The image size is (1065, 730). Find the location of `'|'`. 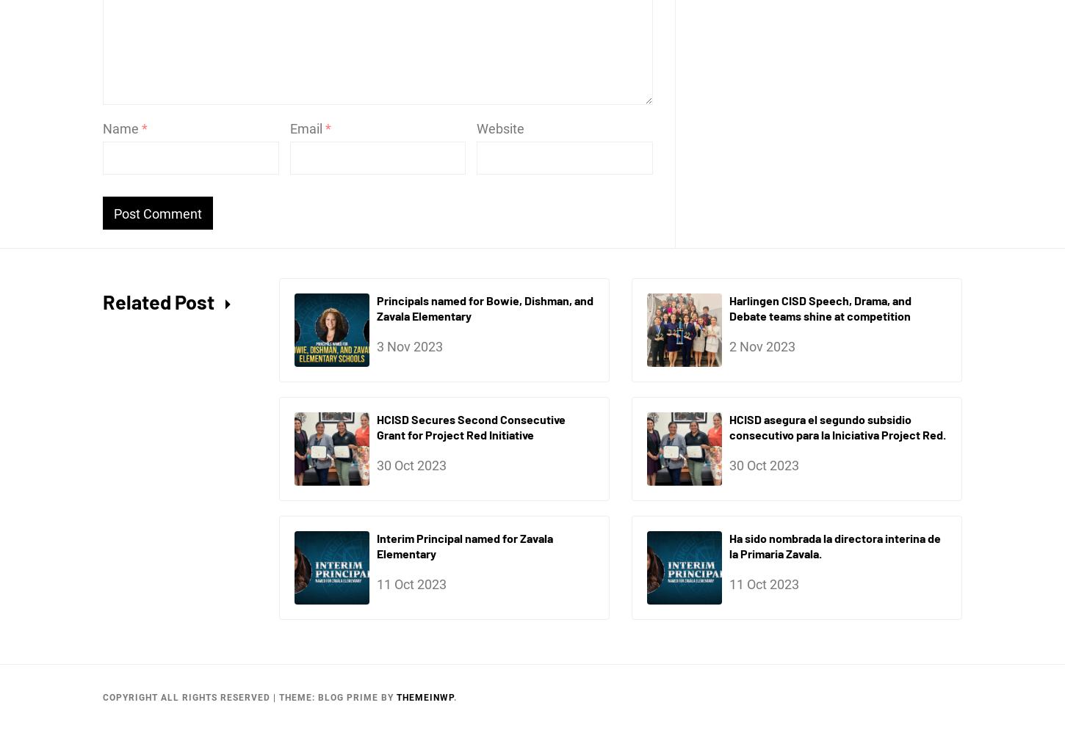

'|' is located at coordinates (275, 698).